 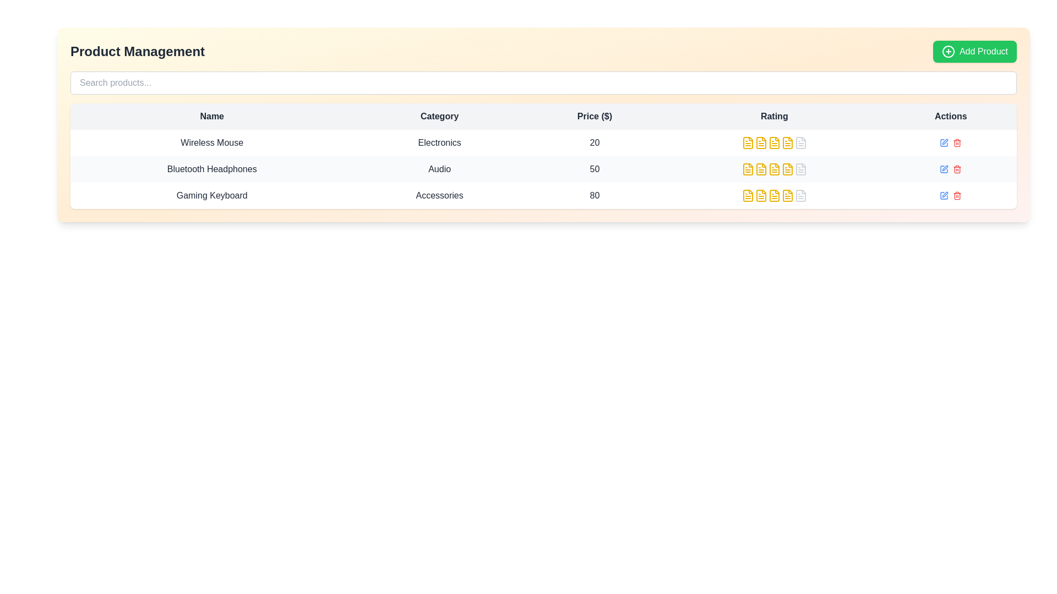 What do you see at coordinates (594, 117) in the screenshot?
I see `the 'Price ($)' column header, which is the third column in the table structure, styled with bold text on a white background` at bounding box center [594, 117].